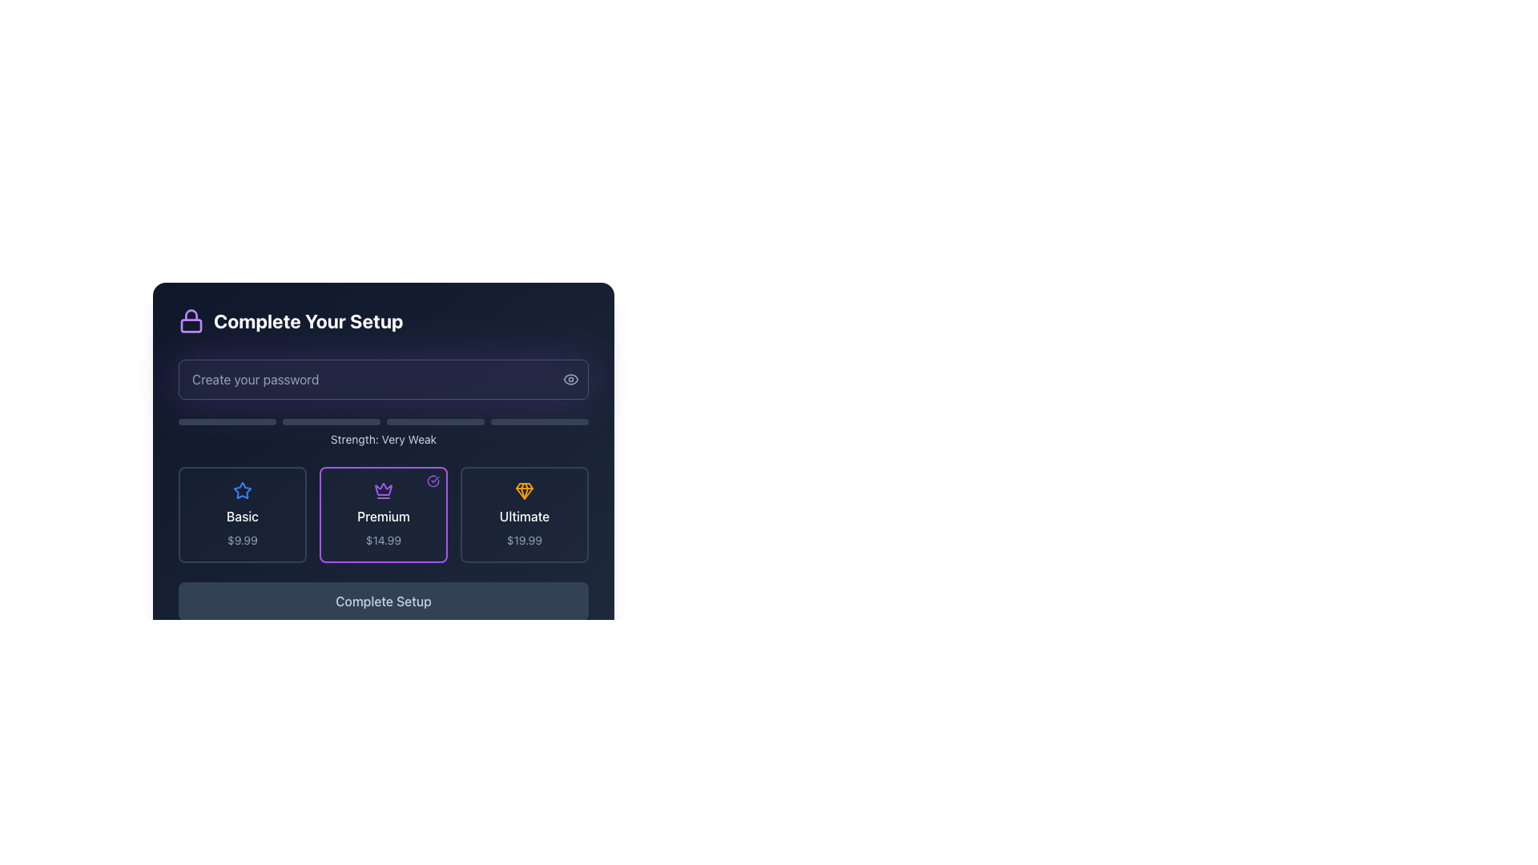 This screenshot has width=1538, height=865. Describe the element at coordinates (383, 421) in the screenshot. I see `the slate-gray linear progress bar located below the password creation input field and above the text 'Strength: Very Weak.'` at that location.